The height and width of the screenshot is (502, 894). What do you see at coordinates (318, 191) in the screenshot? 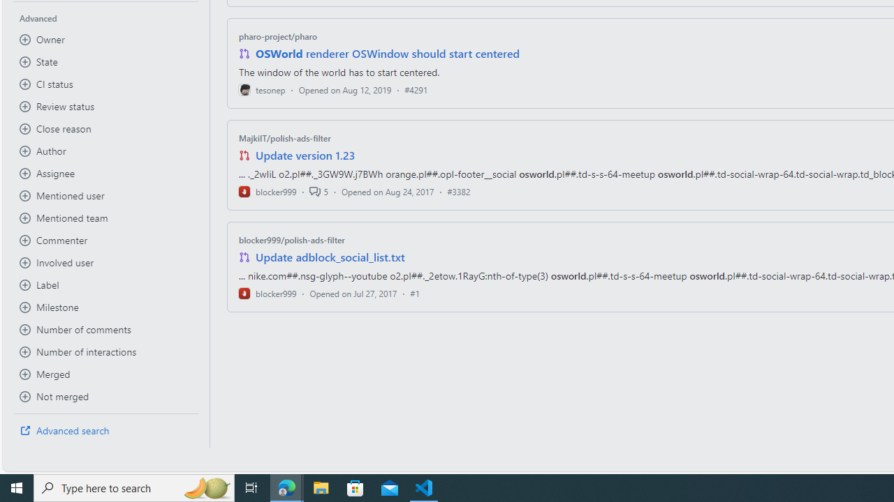
I see `'5'` at bounding box center [318, 191].